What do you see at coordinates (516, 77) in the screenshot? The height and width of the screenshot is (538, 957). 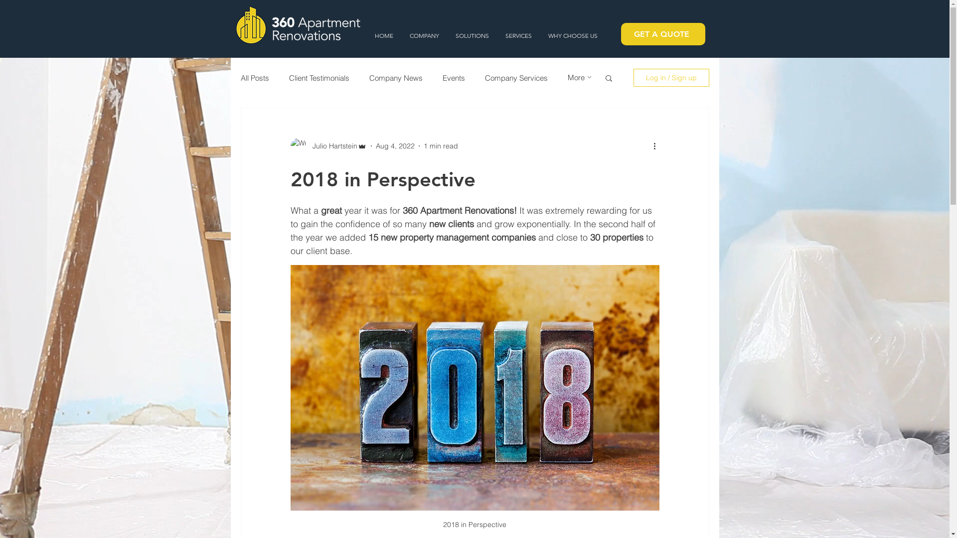 I see `'Company Services'` at bounding box center [516, 77].